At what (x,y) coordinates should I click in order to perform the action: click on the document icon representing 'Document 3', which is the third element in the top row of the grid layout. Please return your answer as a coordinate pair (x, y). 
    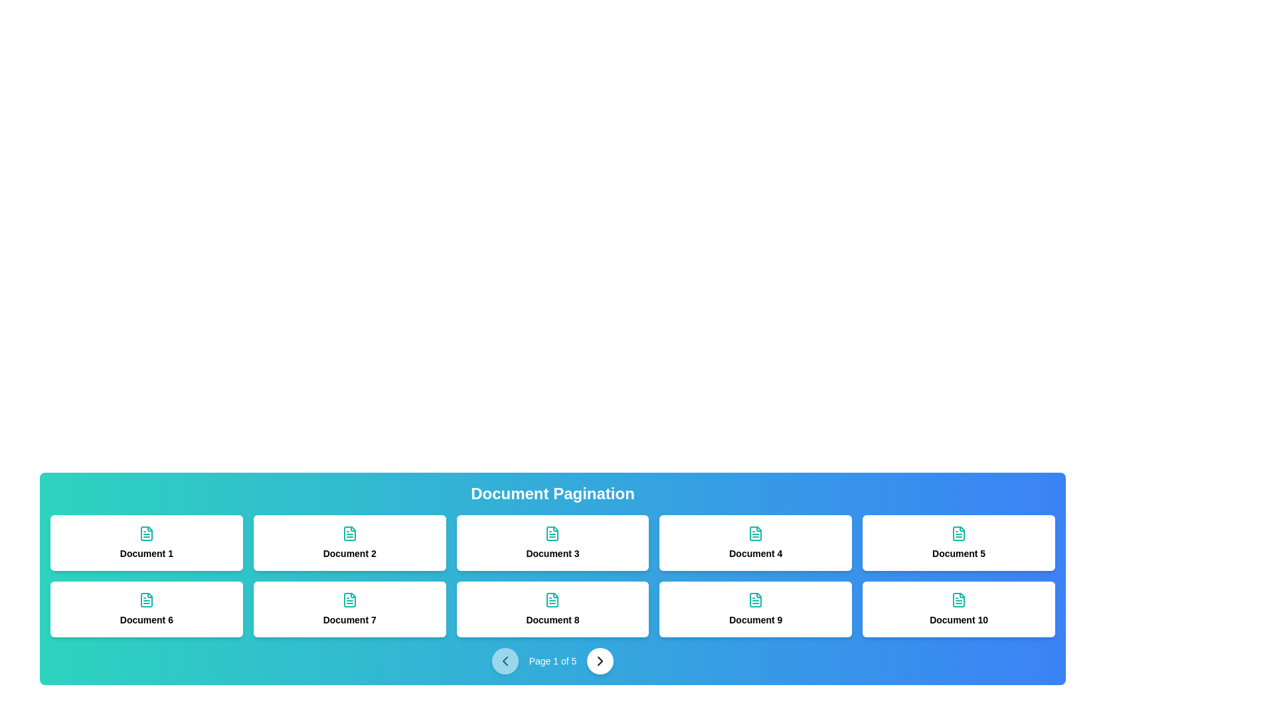
    Looking at the image, I should click on (552, 532).